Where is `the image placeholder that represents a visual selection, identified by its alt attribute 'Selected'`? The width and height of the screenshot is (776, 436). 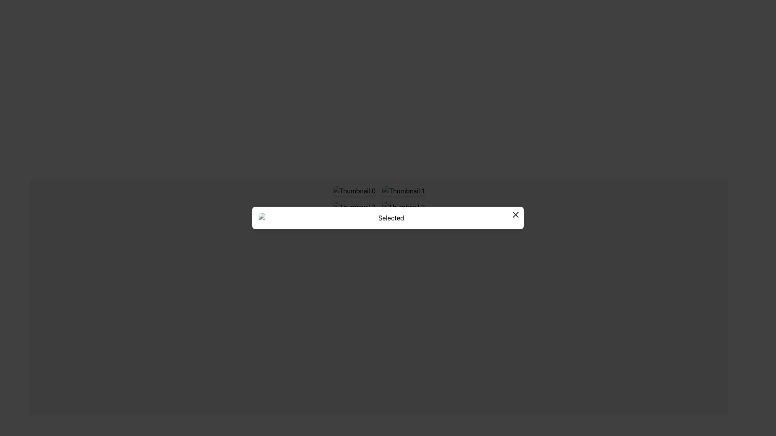
the image placeholder that represents a visual selection, identified by its alt attribute 'Selected' is located at coordinates (388, 218).